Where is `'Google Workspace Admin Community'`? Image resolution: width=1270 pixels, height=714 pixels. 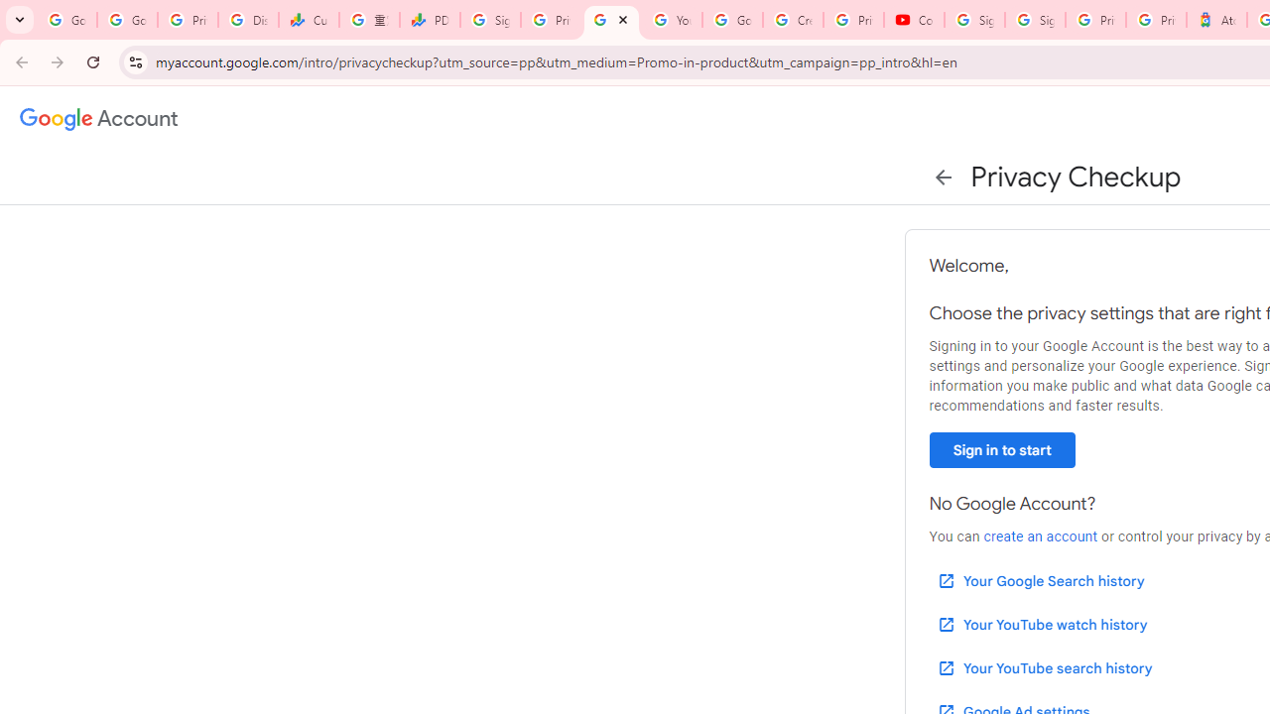
'Google Workspace Admin Community' is located at coordinates (66, 20).